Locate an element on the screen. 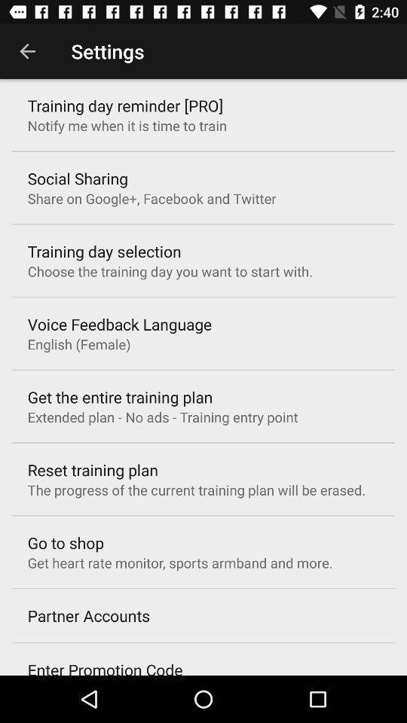 Image resolution: width=407 pixels, height=723 pixels. icon below the training day reminder icon is located at coordinates (126, 124).